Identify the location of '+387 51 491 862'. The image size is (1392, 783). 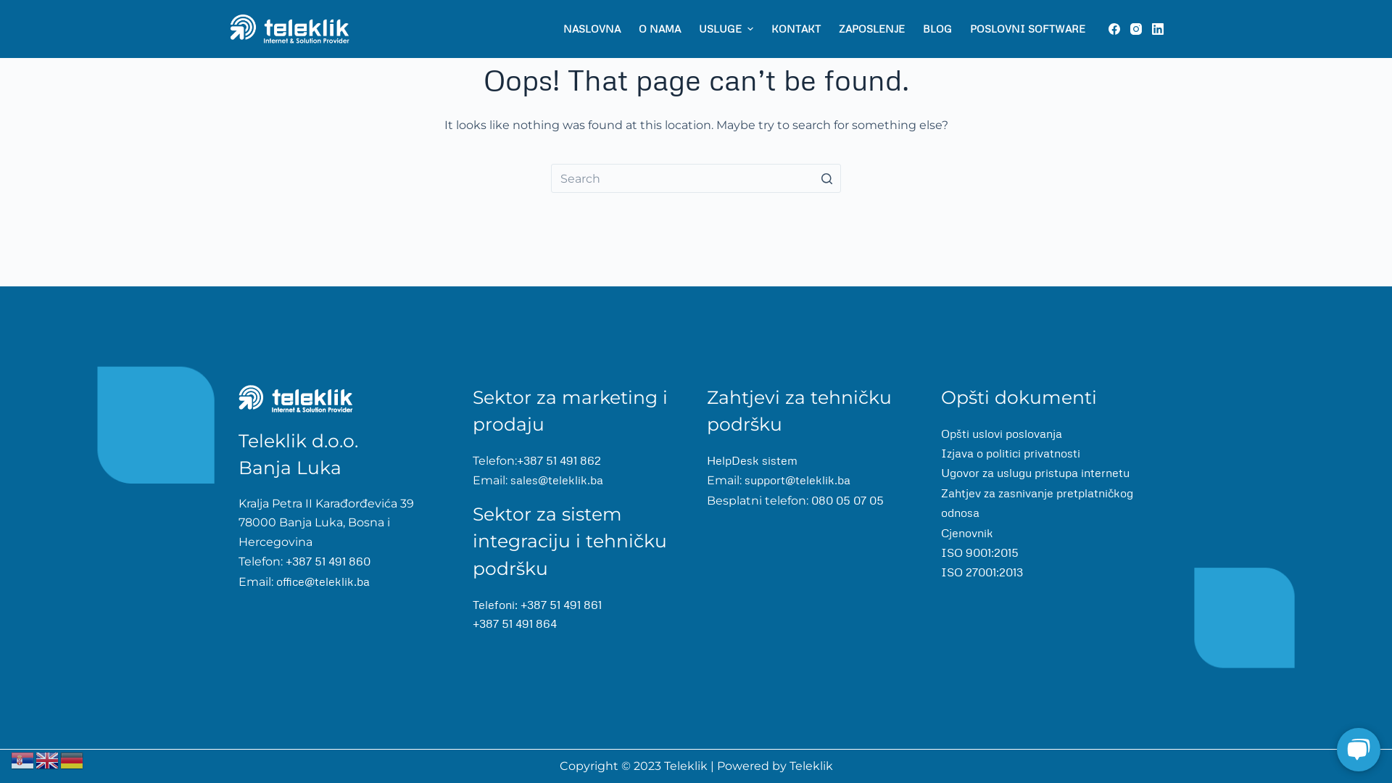
(558, 460).